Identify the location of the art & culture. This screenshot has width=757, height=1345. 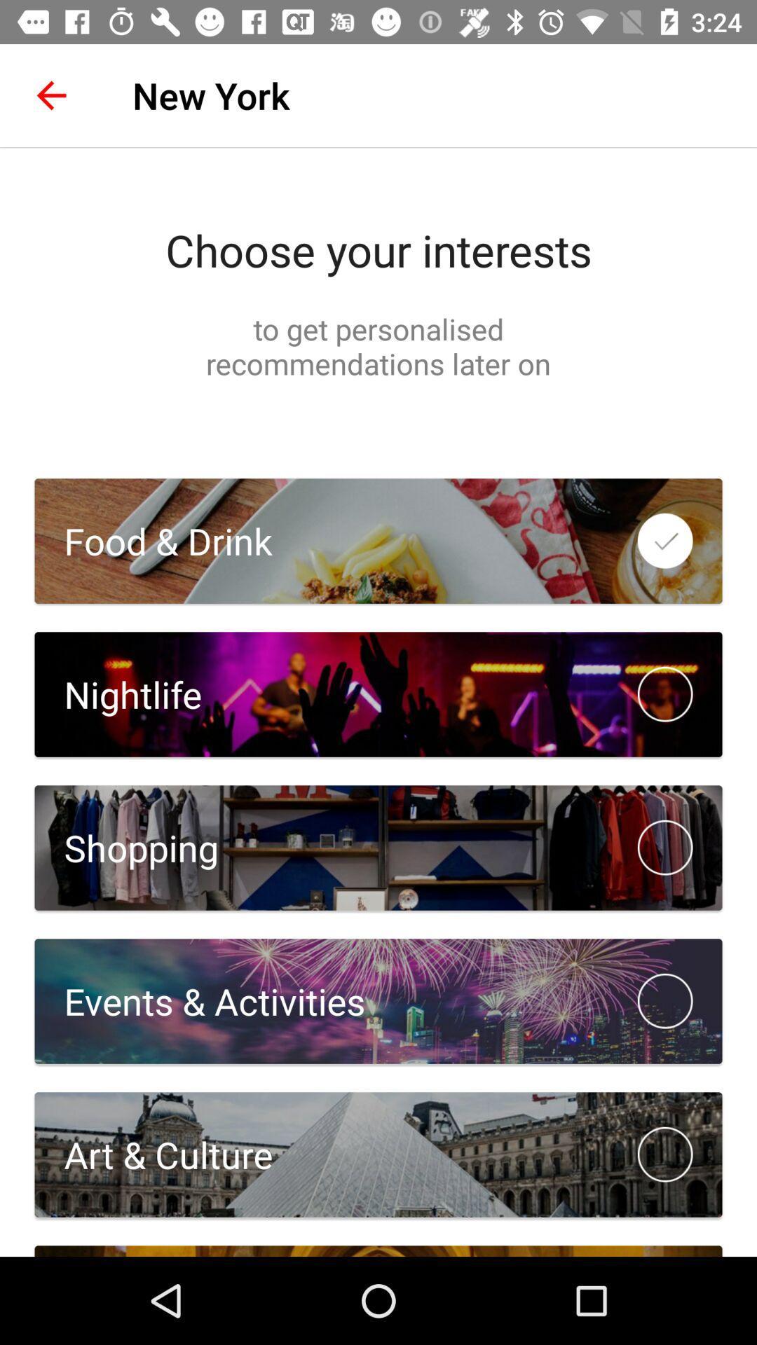
(154, 1154).